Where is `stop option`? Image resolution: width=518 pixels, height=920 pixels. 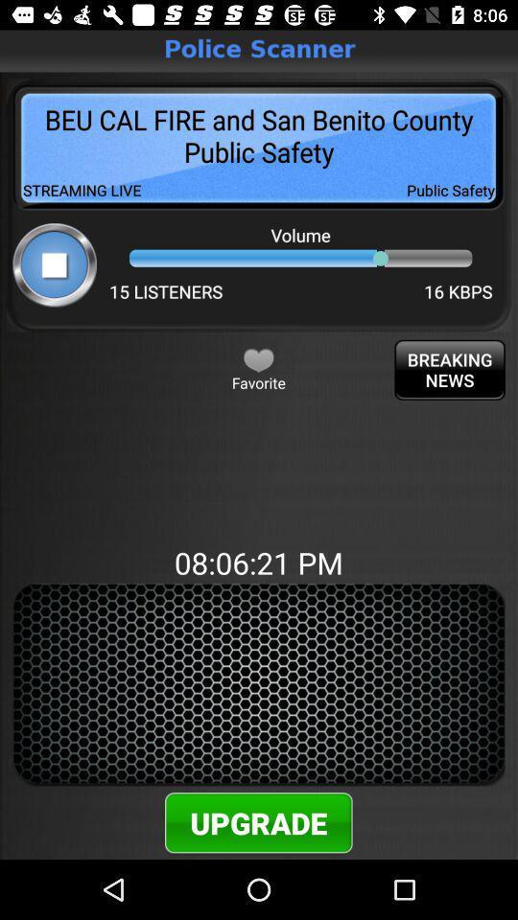 stop option is located at coordinates (55, 264).